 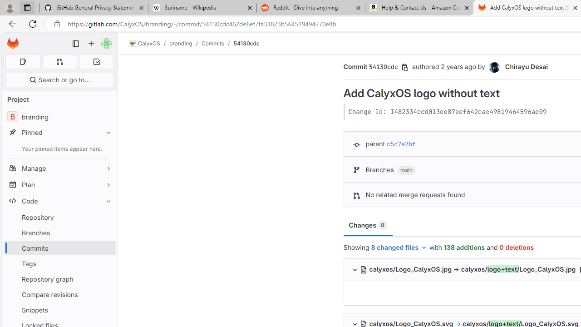 What do you see at coordinates (91, 44) in the screenshot?
I see `'Create new...'` at bounding box center [91, 44].